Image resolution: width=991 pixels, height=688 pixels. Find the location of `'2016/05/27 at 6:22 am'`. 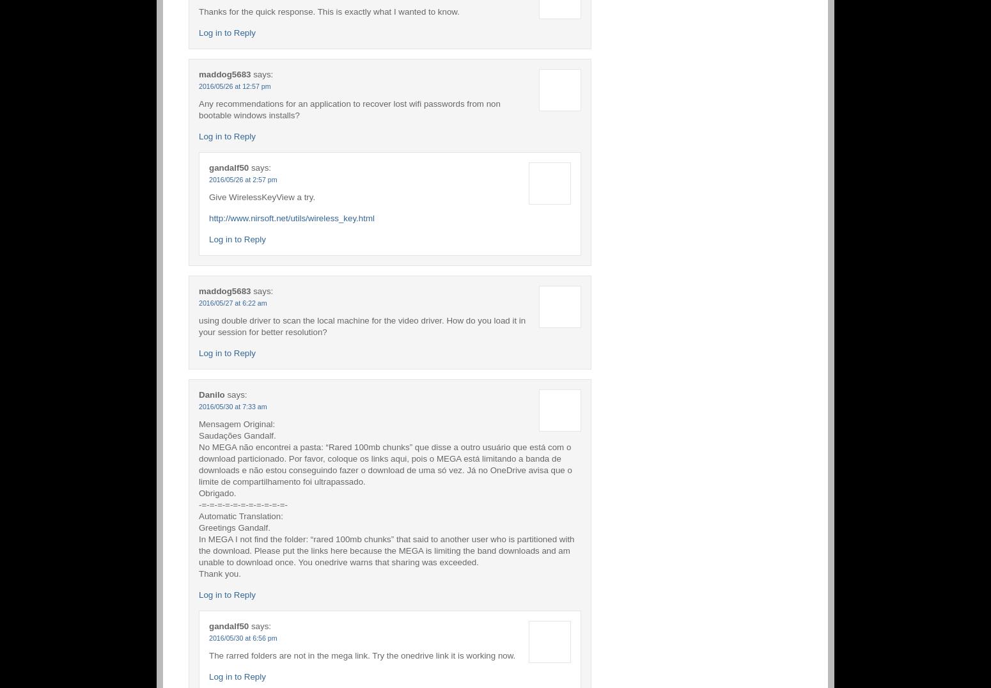

'2016/05/27 at 6:22 am' is located at coordinates (231, 302).